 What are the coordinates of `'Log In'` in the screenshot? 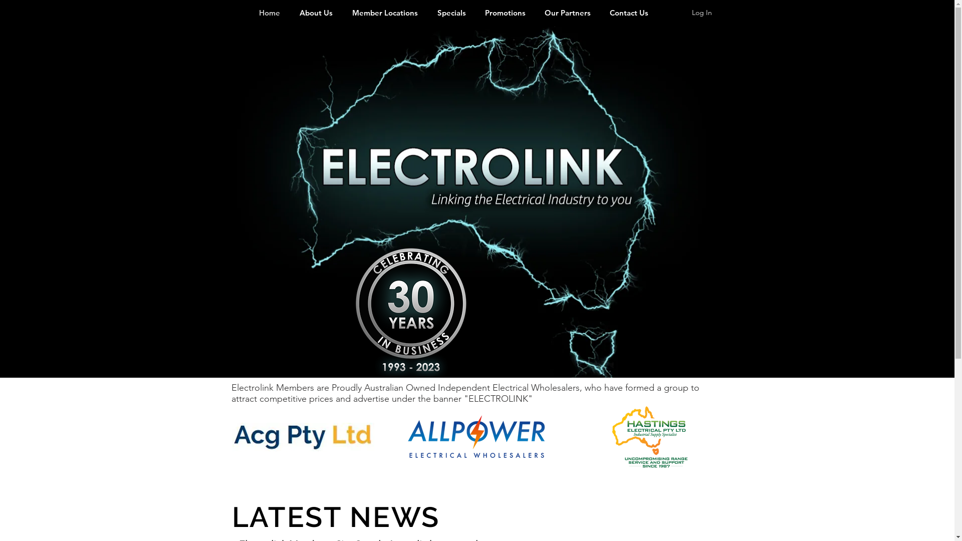 It's located at (701, 13).